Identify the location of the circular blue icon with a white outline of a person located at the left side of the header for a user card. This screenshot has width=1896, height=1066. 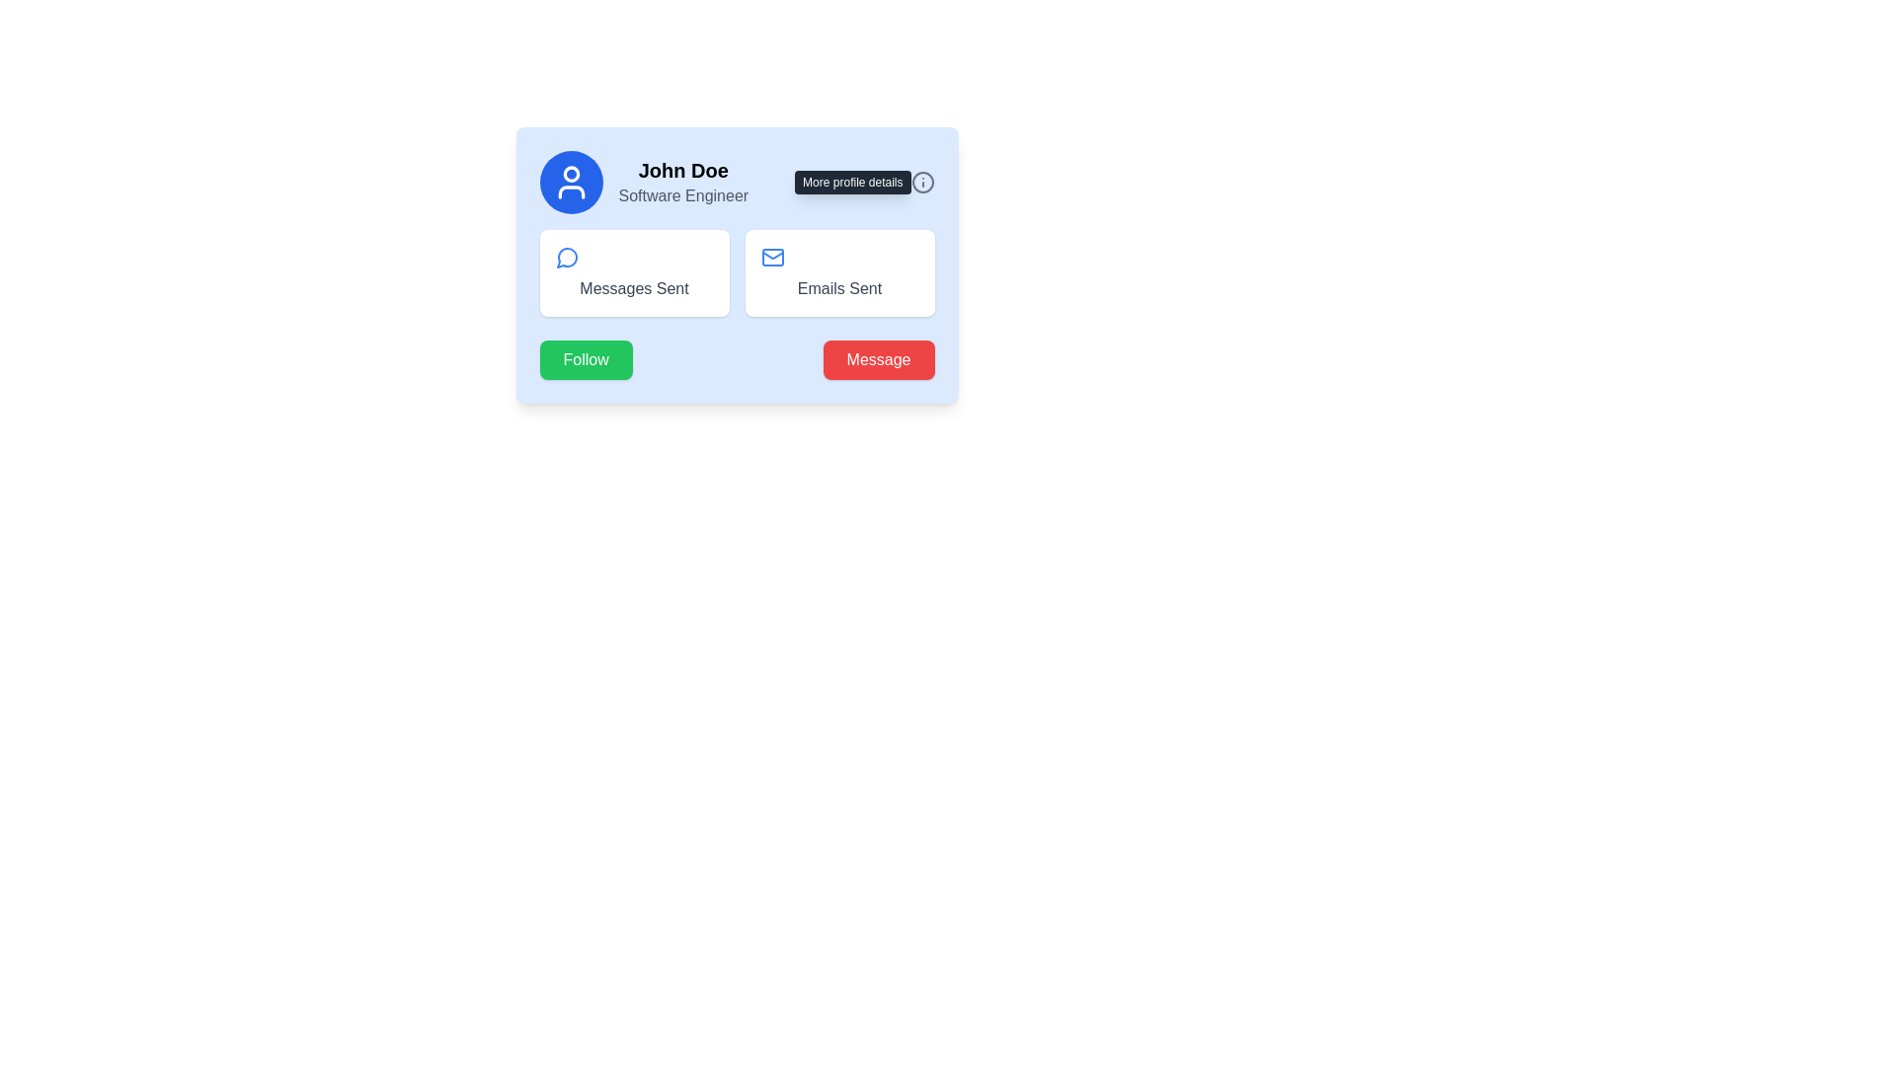
(570, 183).